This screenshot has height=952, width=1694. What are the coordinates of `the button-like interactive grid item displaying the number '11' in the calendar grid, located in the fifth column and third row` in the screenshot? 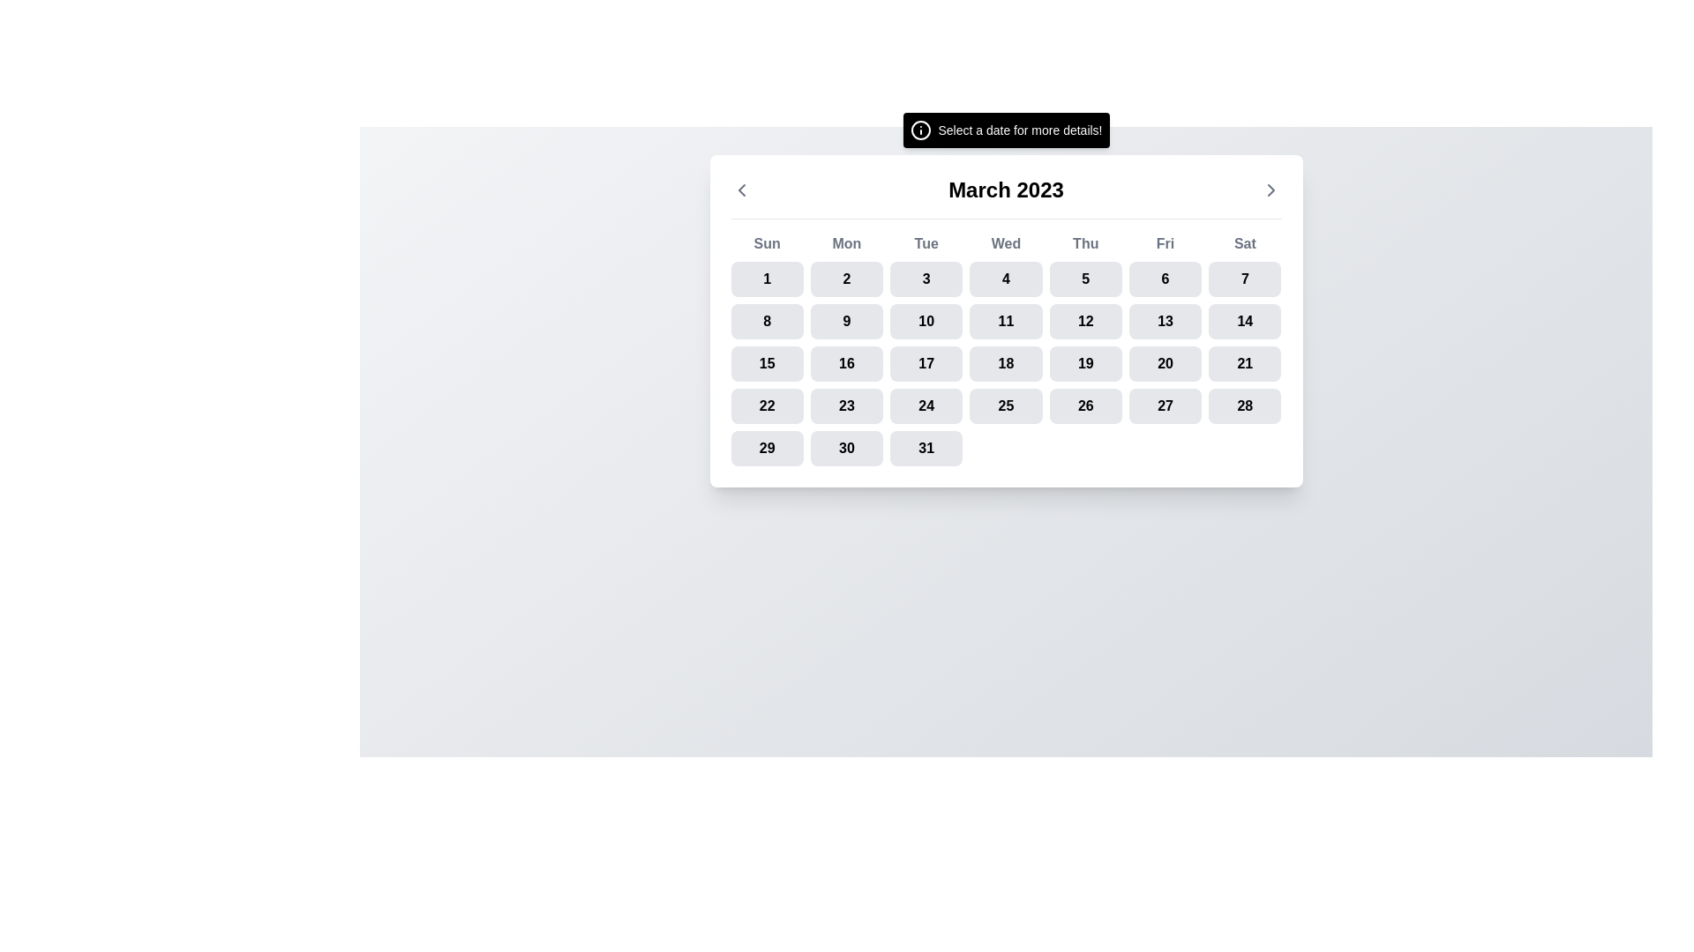 It's located at (1006, 322).